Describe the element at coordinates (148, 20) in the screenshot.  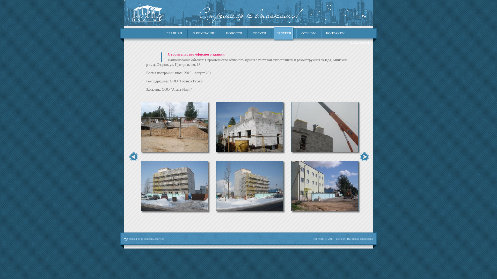
I see `'gofix.by'` at that location.